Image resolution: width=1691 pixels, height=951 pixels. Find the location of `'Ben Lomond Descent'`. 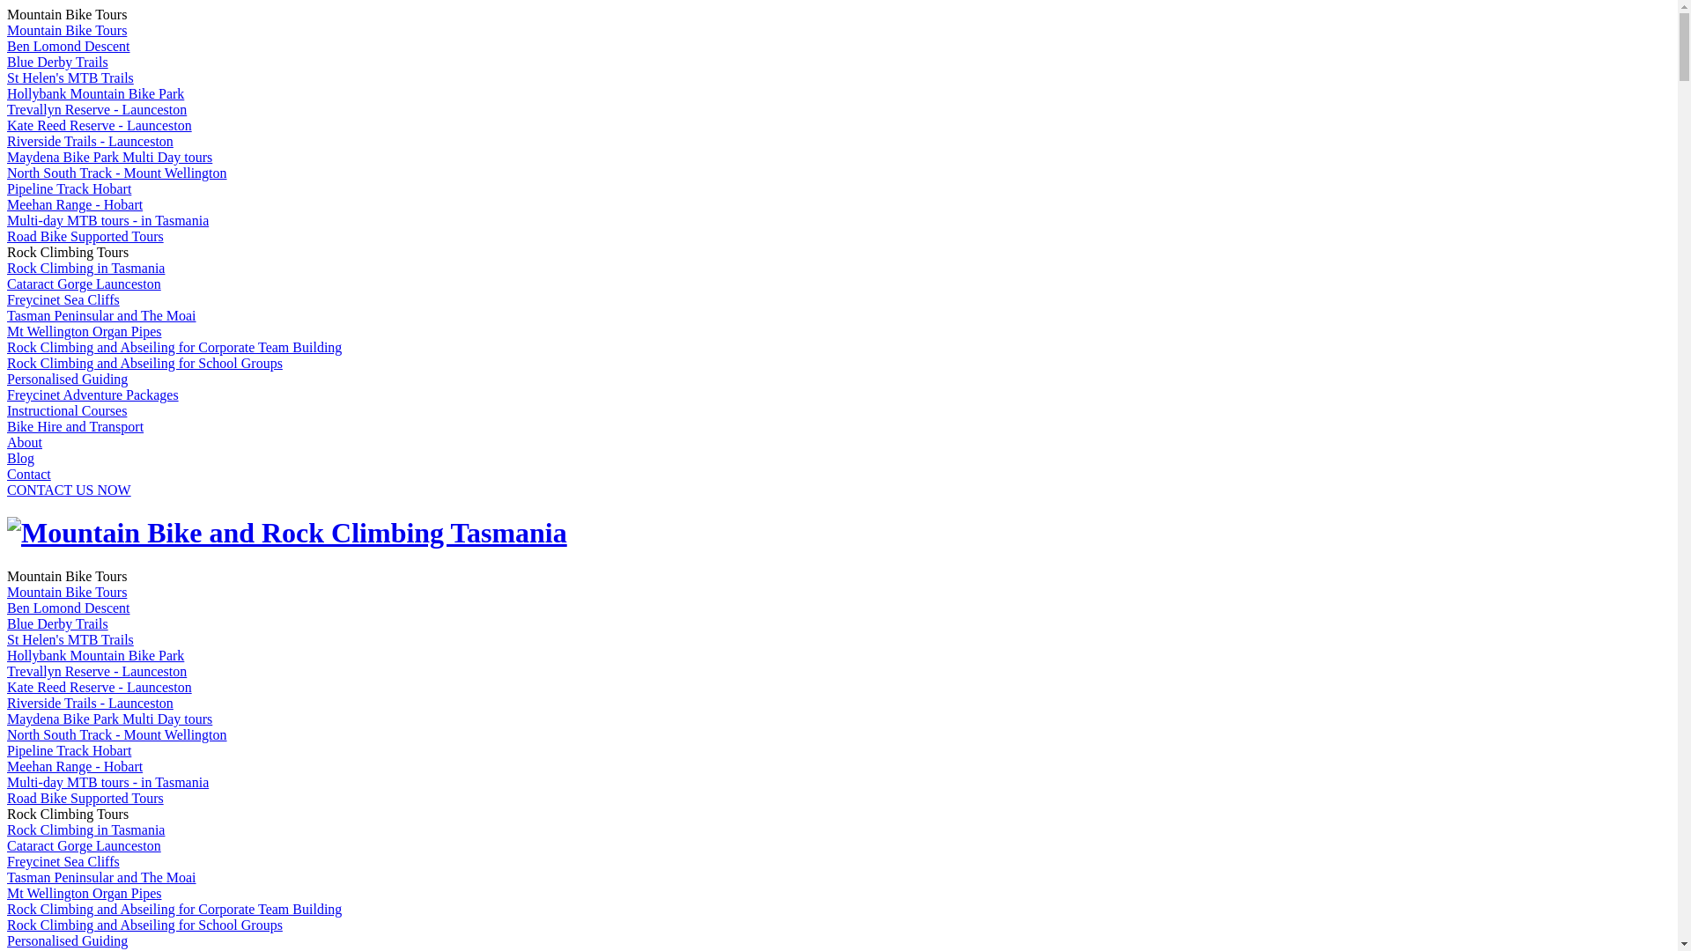

'Ben Lomond Descent' is located at coordinates (7, 607).